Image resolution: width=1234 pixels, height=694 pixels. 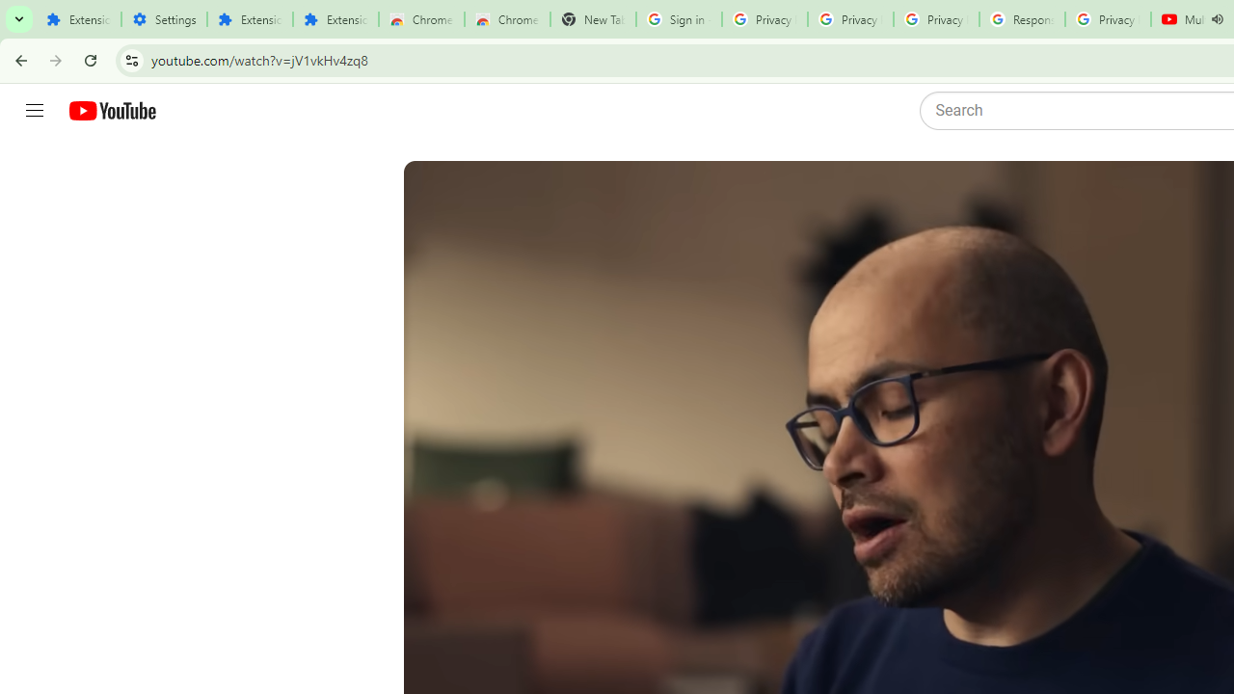 I want to click on 'Mute tab', so click(x=1216, y=19).